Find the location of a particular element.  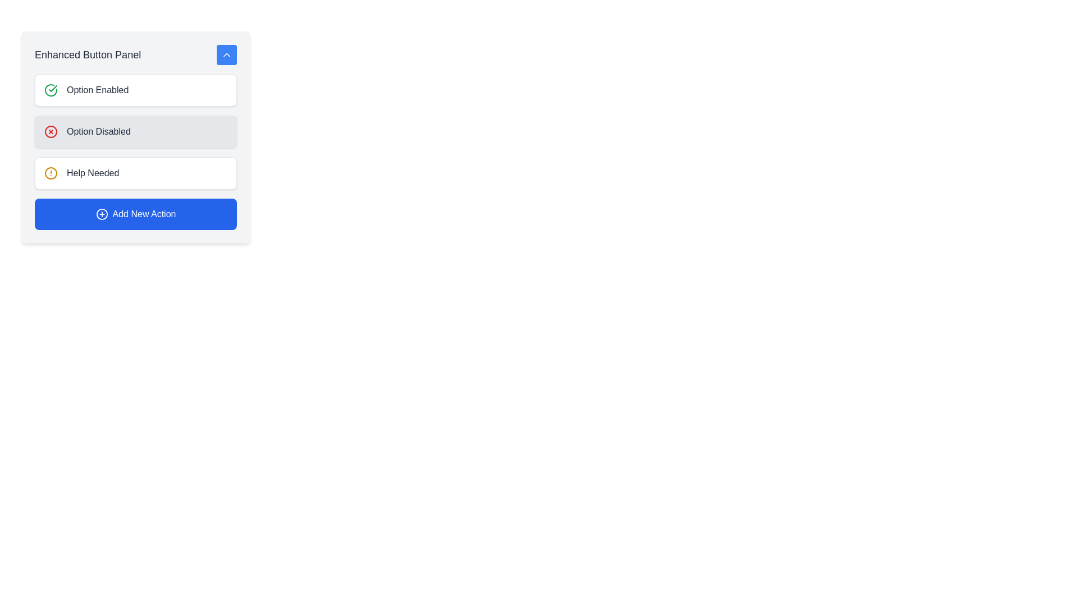

the informational text label that indicates the current status as 'Option Enabled' to trigger potential hover effects is located at coordinates (98, 90).